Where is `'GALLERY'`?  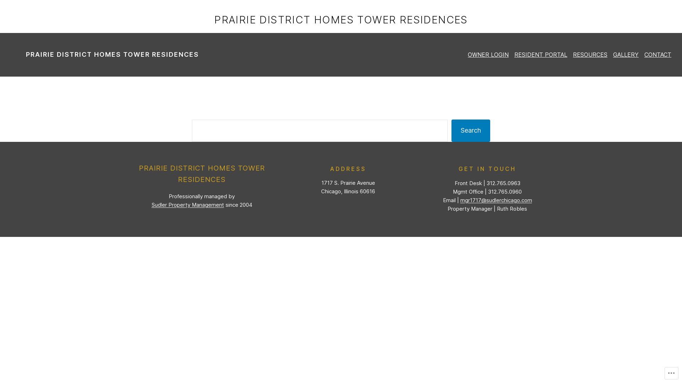
'GALLERY' is located at coordinates (626, 54).